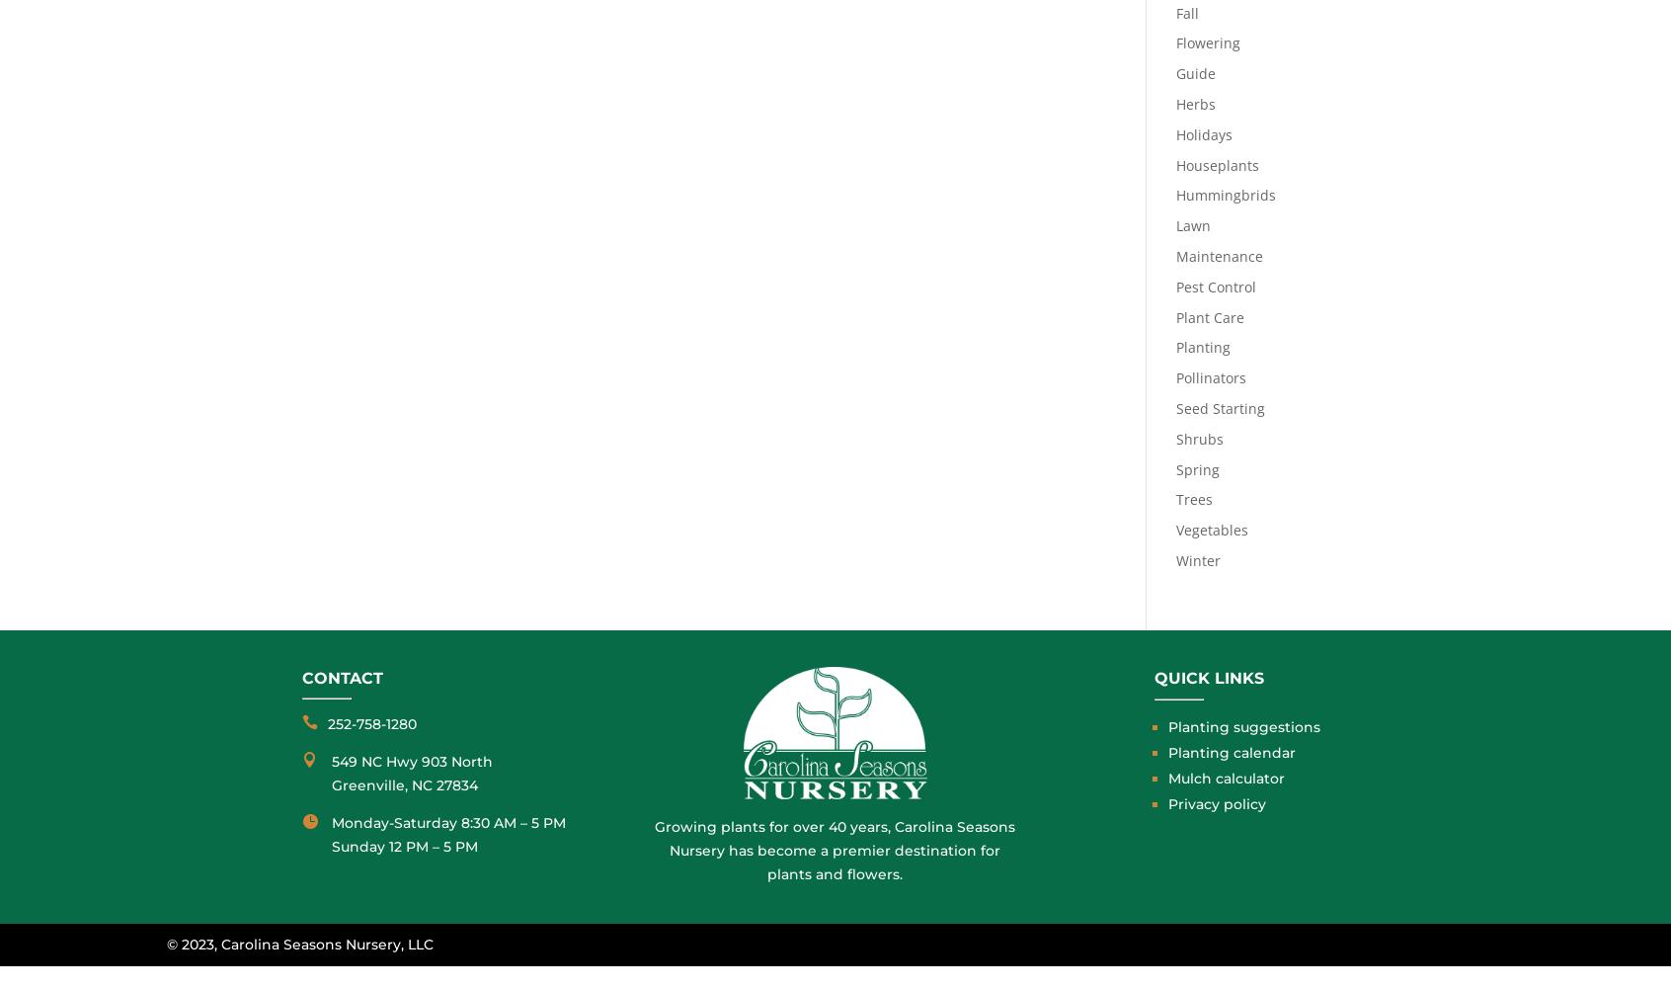  What do you see at coordinates (1173, 103) in the screenshot?
I see `'Herbs'` at bounding box center [1173, 103].